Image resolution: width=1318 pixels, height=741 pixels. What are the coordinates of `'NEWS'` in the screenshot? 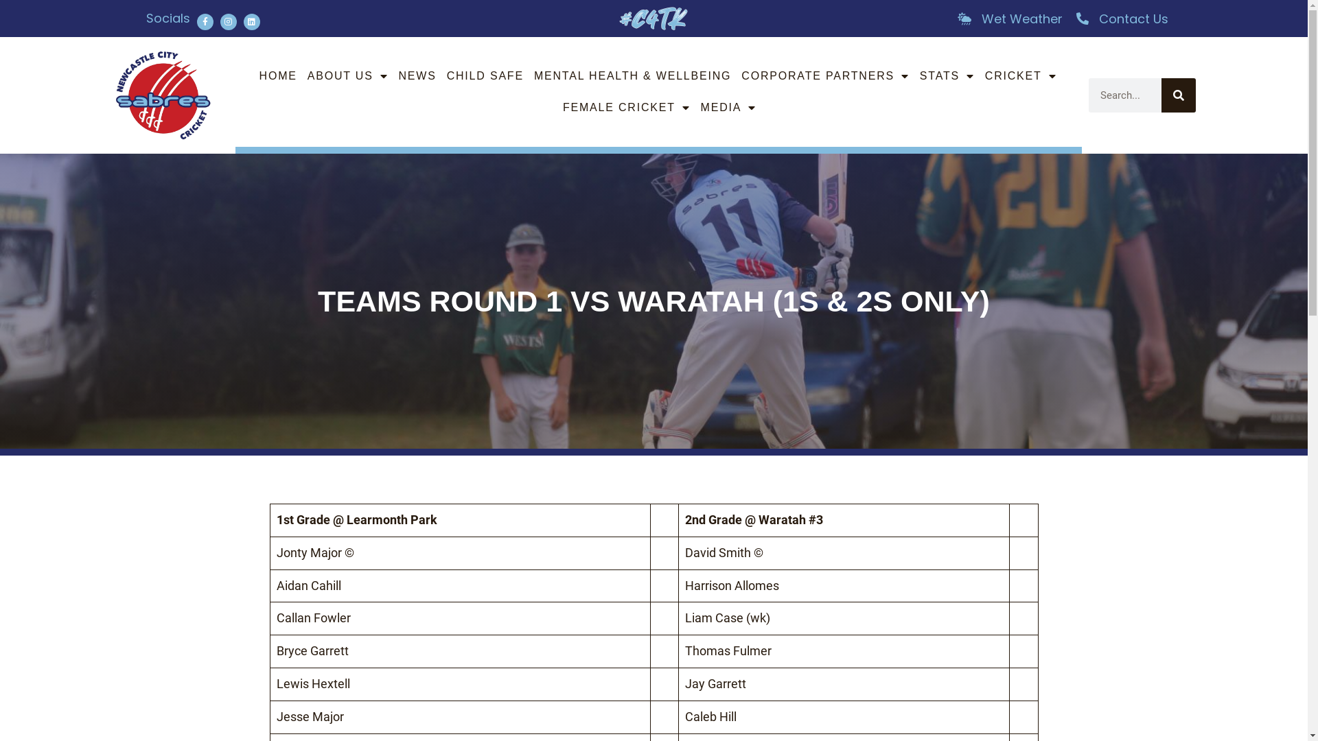 It's located at (416, 76).